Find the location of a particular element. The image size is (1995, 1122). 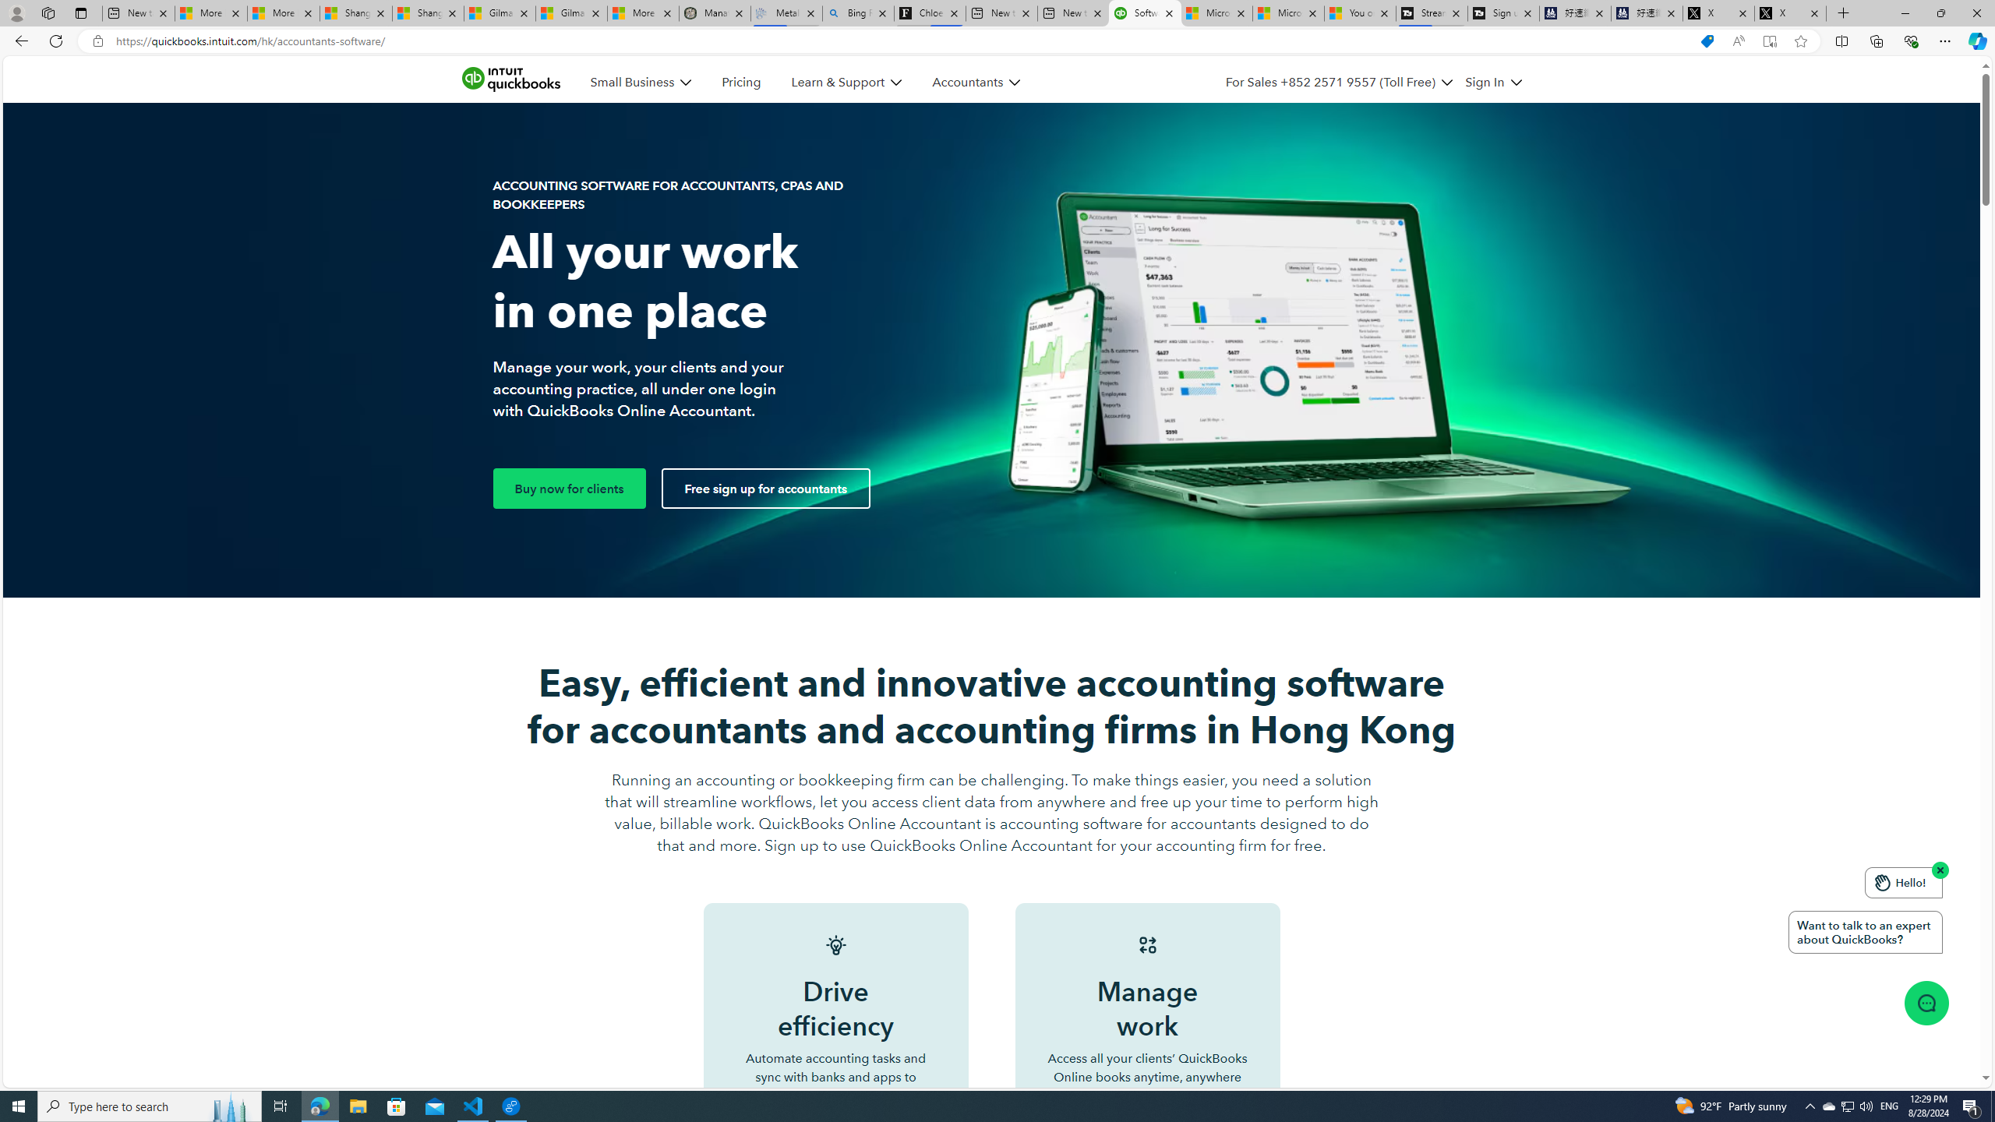

'For Sales +852 2571 9557 (Toll Free)' is located at coordinates (1330, 83).